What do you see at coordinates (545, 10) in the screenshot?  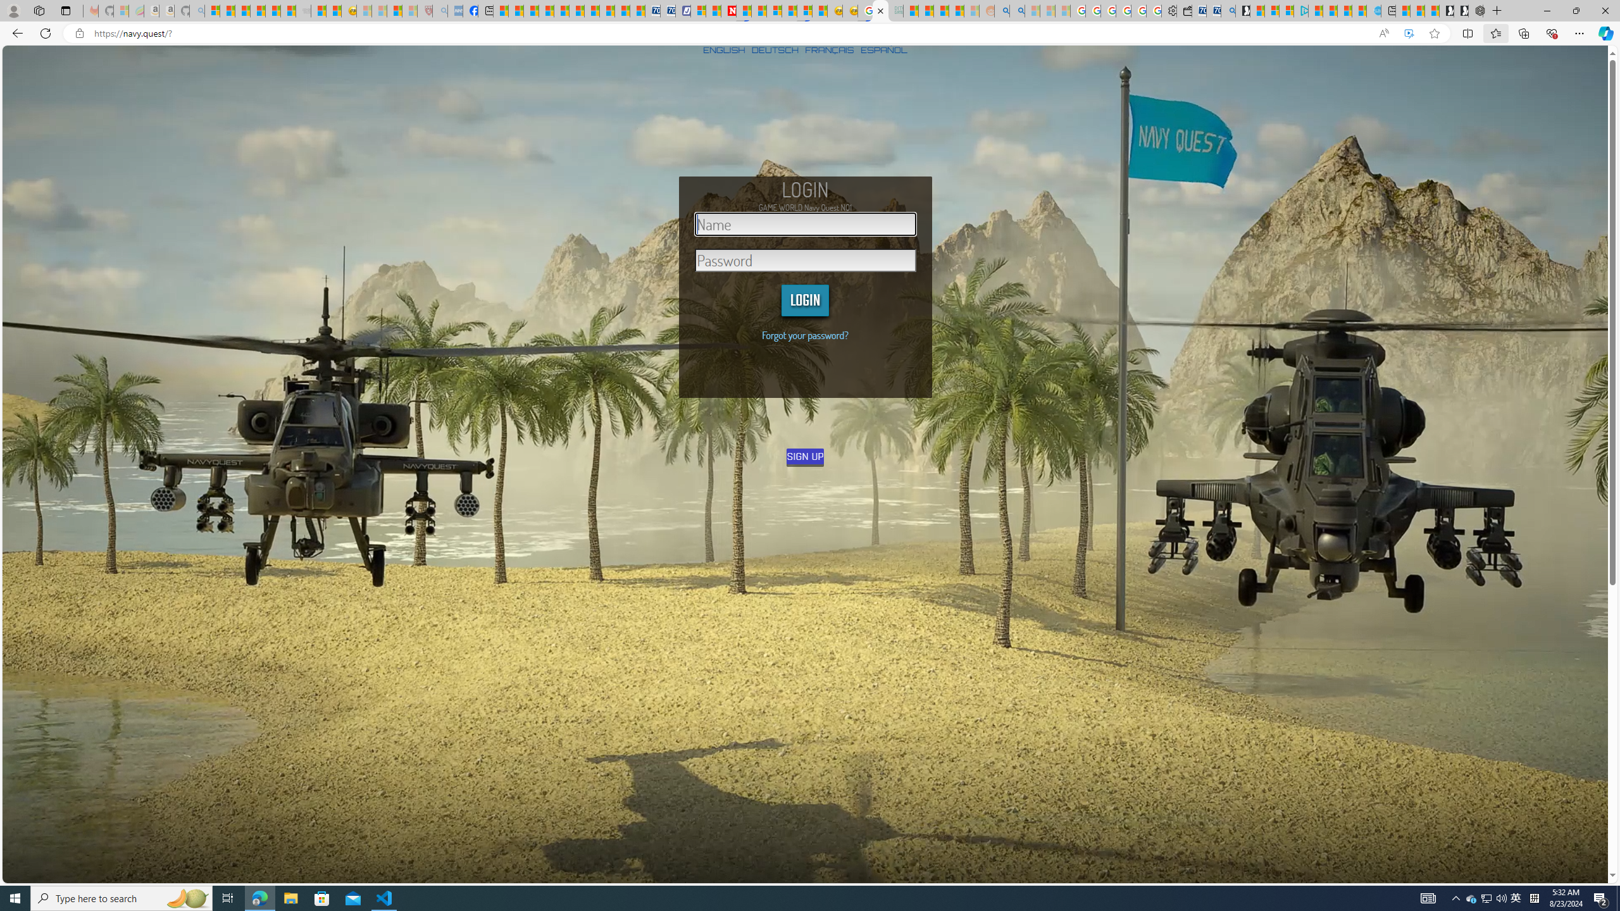 I see `'Climate Damage Becomes Too Severe To Reverse'` at bounding box center [545, 10].